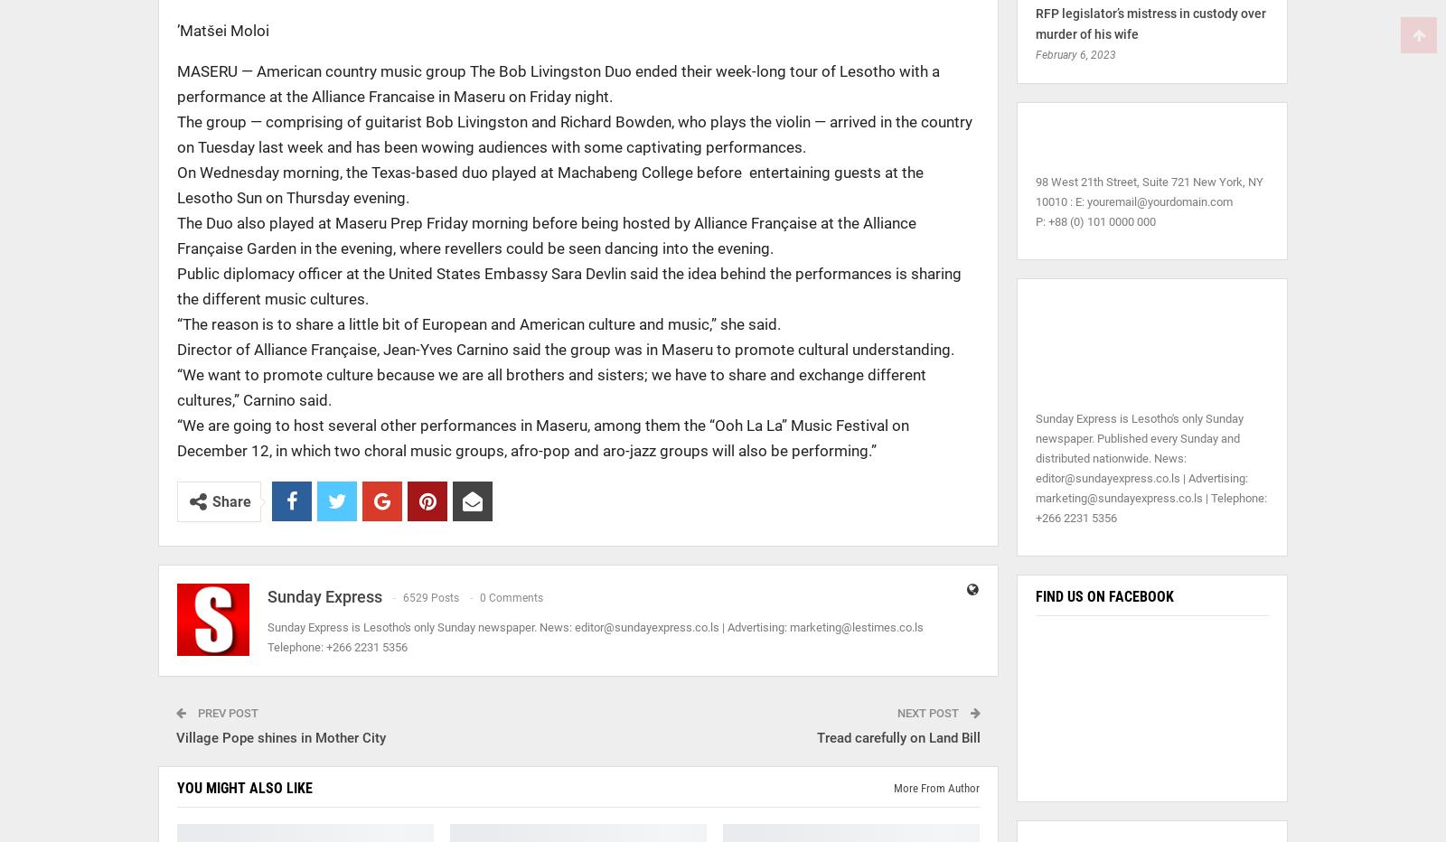 The height and width of the screenshot is (842, 1446). What do you see at coordinates (565, 348) in the screenshot?
I see `'Director of Alliance Française, Jean-Yves Carnino said the group was in Maseru to promote cultural understanding.'` at bounding box center [565, 348].